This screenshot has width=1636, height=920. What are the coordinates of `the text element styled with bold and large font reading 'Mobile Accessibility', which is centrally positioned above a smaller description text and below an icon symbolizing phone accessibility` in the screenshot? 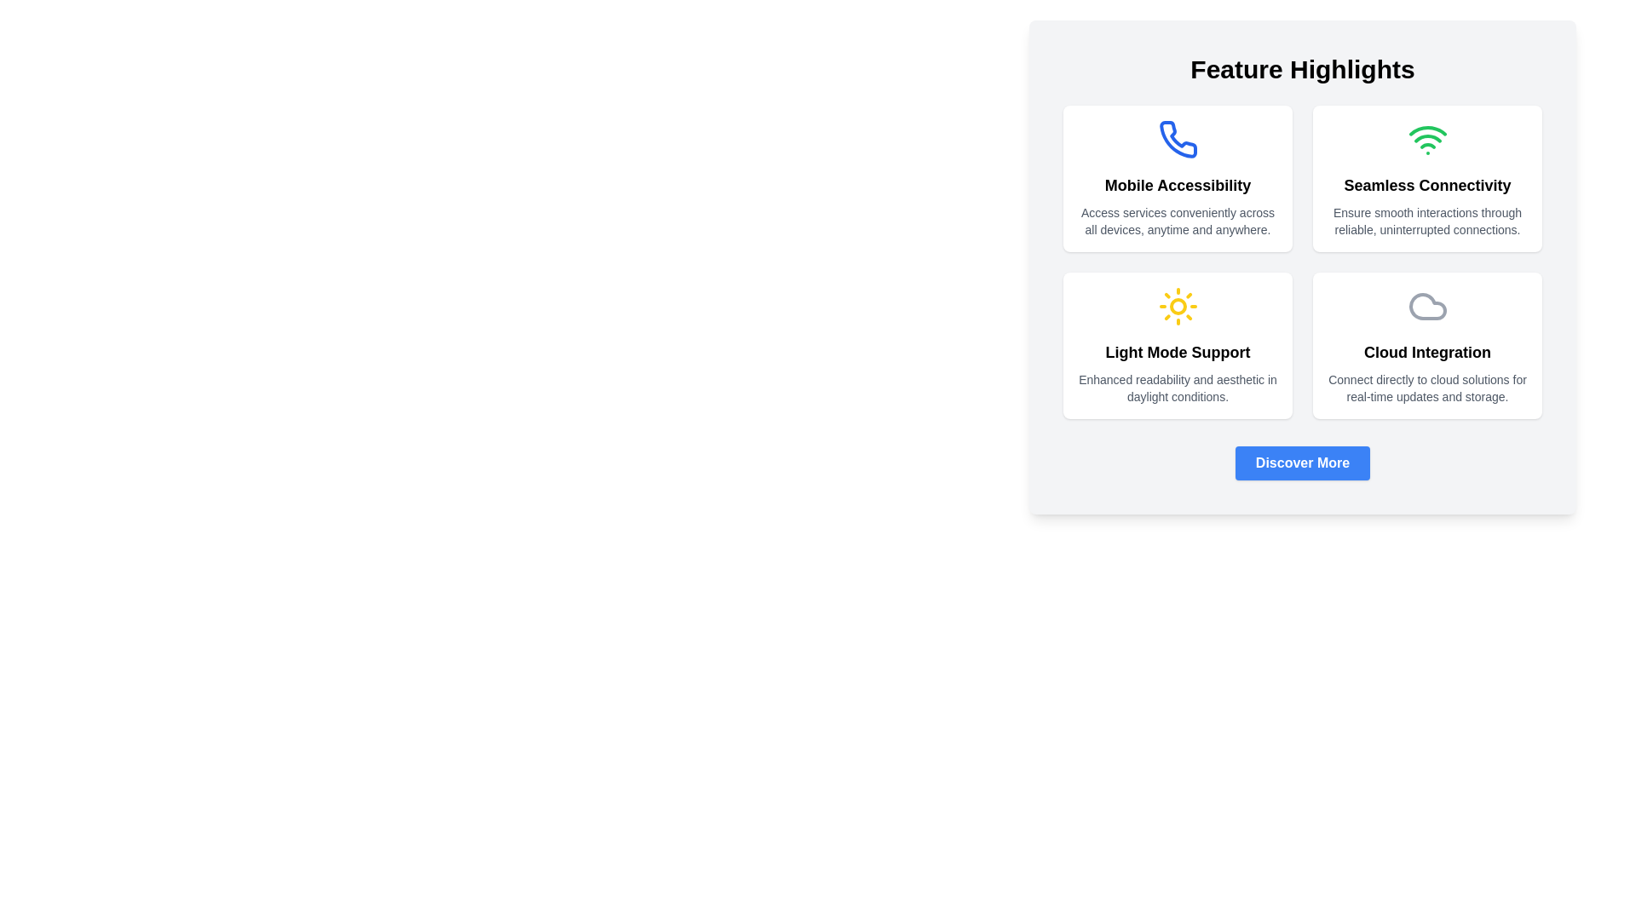 It's located at (1177, 186).